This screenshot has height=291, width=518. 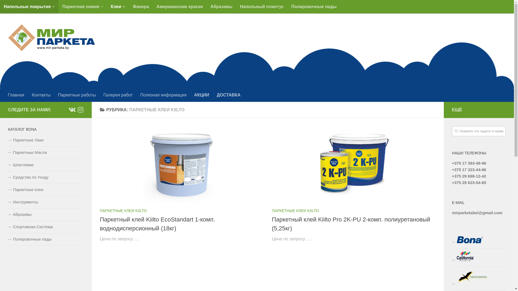 What do you see at coordinates (71, 109) in the screenshot?
I see `'vk.com'` at bounding box center [71, 109].